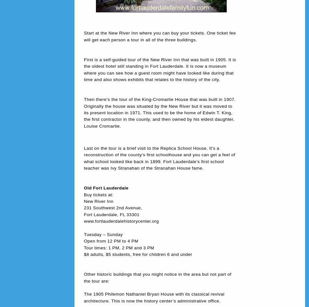 The image size is (309, 307). What do you see at coordinates (160, 36) in the screenshot?
I see `'Start at the New River Inn where you can buy your tickets. One ticket fee will get each person a tour in all of the three buildings.'` at bounding box center [160, 36].